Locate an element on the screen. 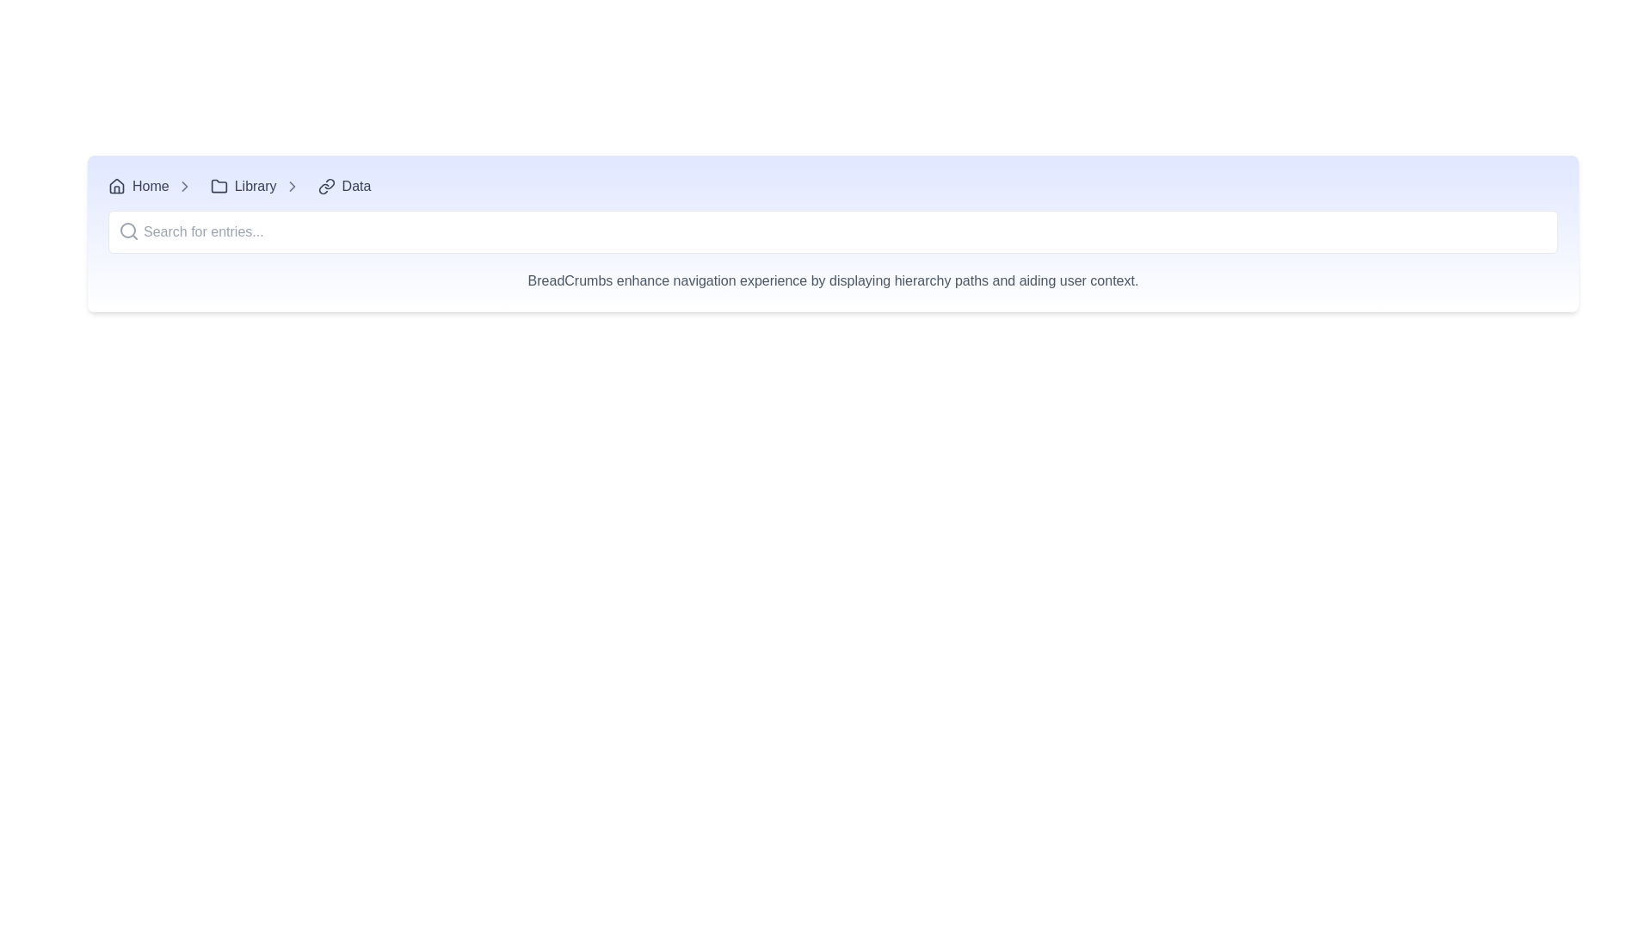  the 'Library' breadcrumb navigation item, which is the second item is located at coordinates (258, 186).